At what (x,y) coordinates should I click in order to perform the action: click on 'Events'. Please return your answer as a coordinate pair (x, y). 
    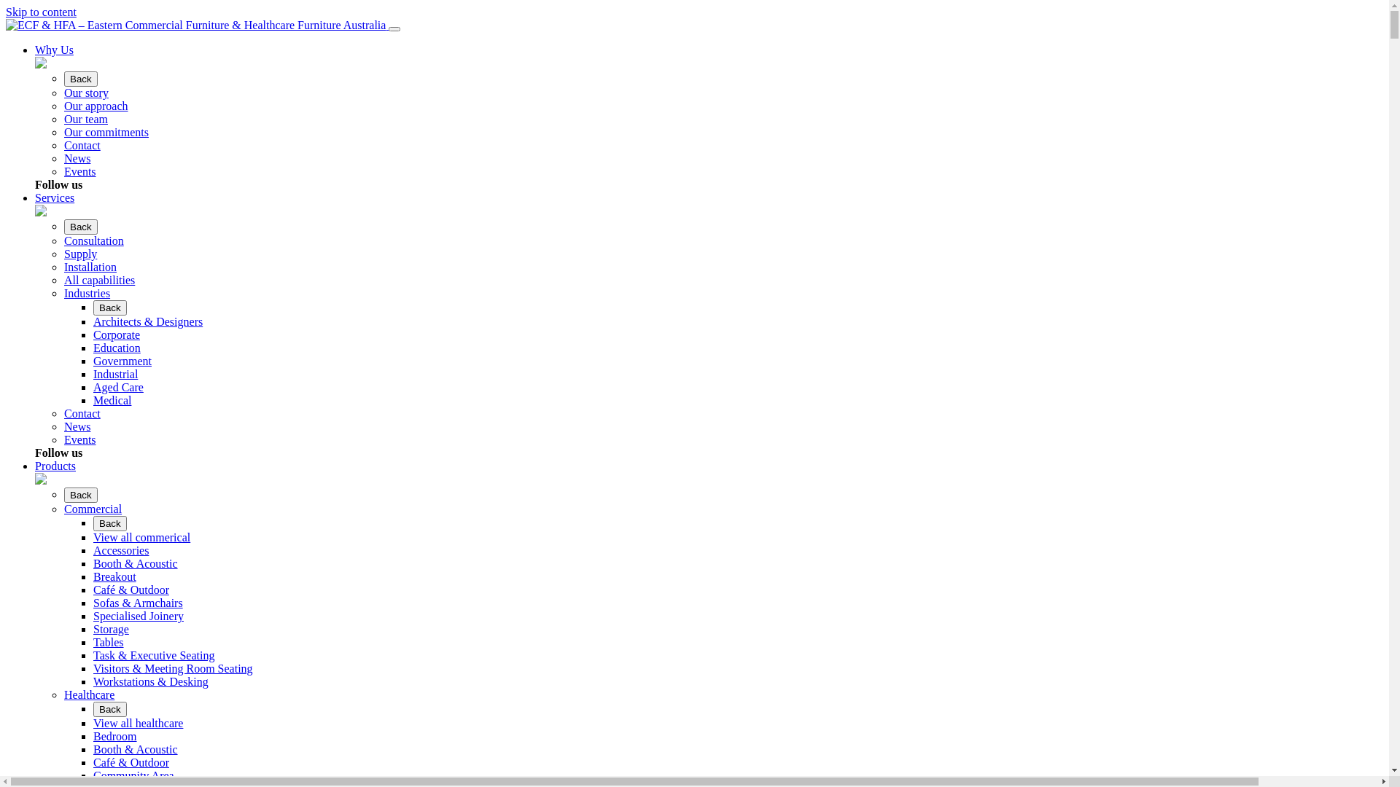
    Looking at the image, I should click on (79, 439).